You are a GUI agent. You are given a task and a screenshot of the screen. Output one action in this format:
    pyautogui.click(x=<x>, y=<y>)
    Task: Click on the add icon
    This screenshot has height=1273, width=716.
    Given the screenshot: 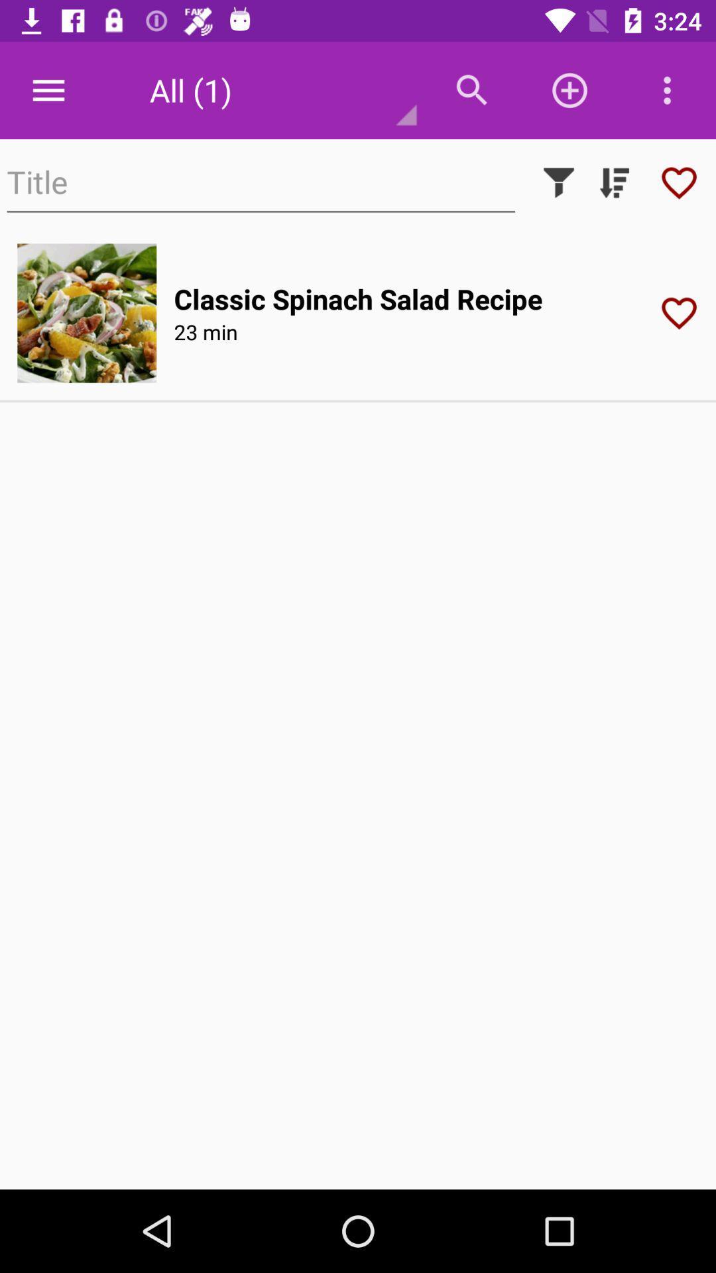 What is the action you would take?
    pyautogui.click(x=569, y=90)
    